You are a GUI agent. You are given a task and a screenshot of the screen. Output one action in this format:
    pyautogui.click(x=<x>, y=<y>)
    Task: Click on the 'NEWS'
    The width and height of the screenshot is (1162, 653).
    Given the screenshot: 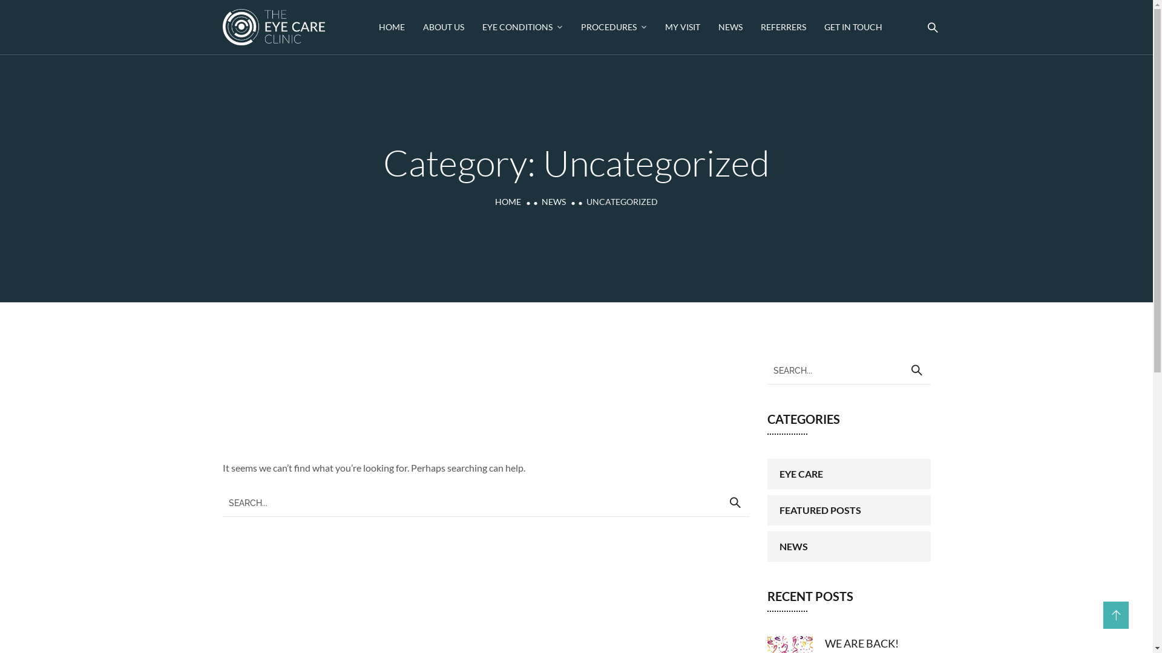 What is the action you would take?
    pyautogui.click(x=553, y=201)
    